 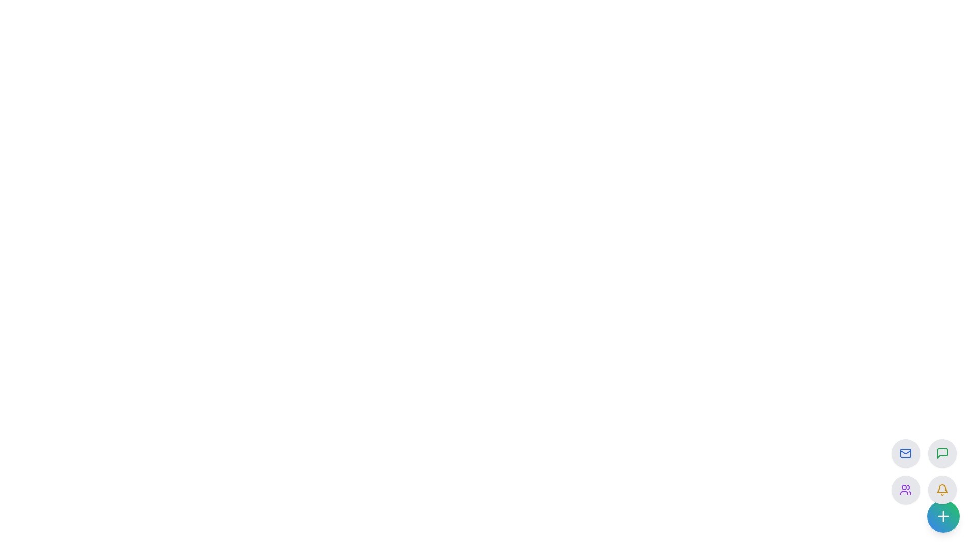 I want to click on the circular button featuring a yellow bell icon, so click(x=941, y=490).